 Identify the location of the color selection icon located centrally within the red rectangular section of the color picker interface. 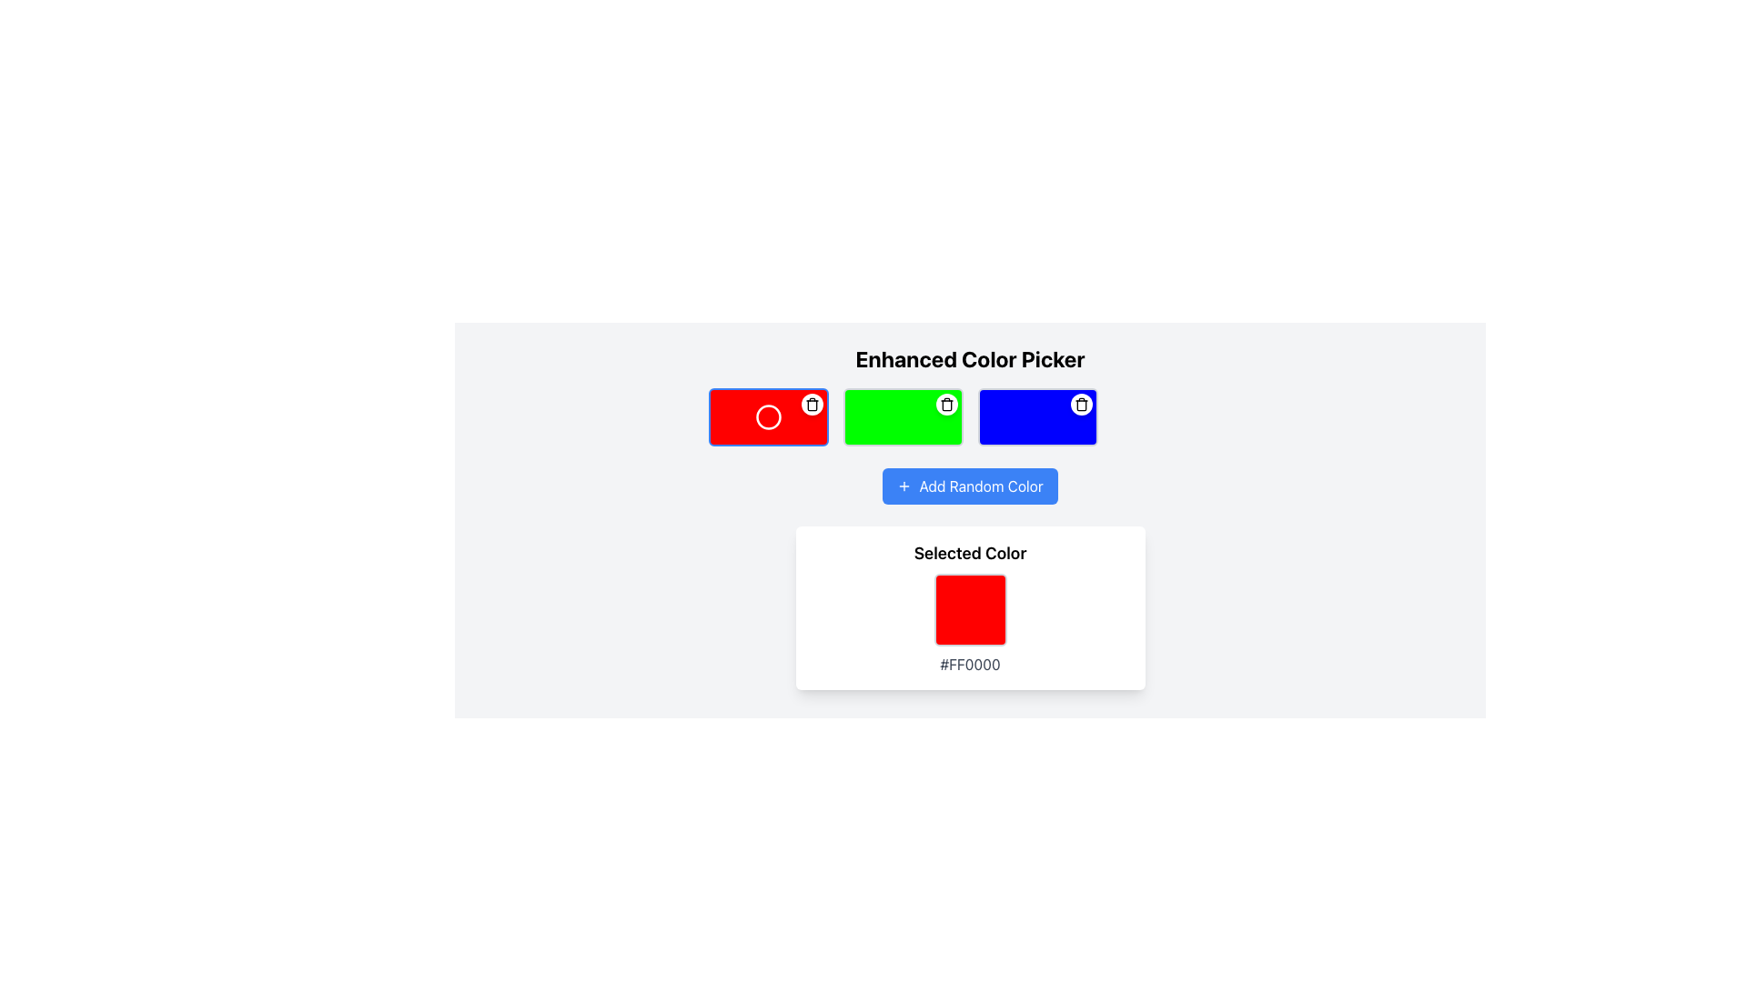
(768, 417).